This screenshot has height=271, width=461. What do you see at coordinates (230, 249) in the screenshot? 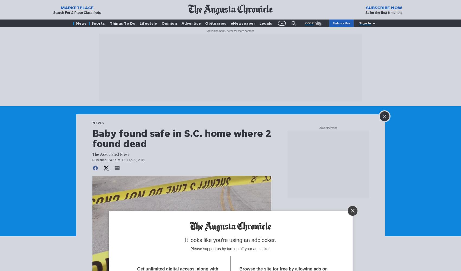
I see `'Please support us by turning off your adblocker.'` at bounding box center [230, 249].